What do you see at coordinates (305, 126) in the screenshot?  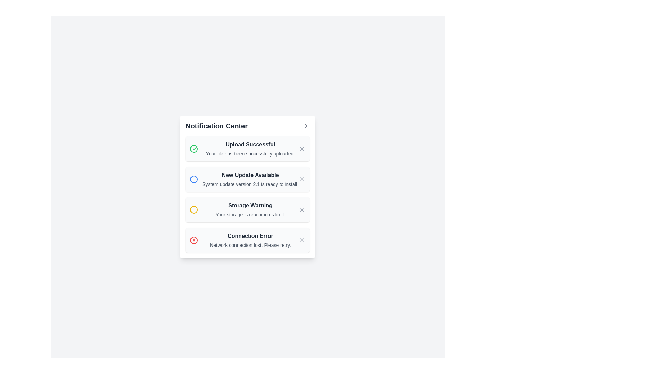 I see `the right-pointing chevron icon located at the top-right corner of the 'Notification Center'` at bounding box center [305, 126].